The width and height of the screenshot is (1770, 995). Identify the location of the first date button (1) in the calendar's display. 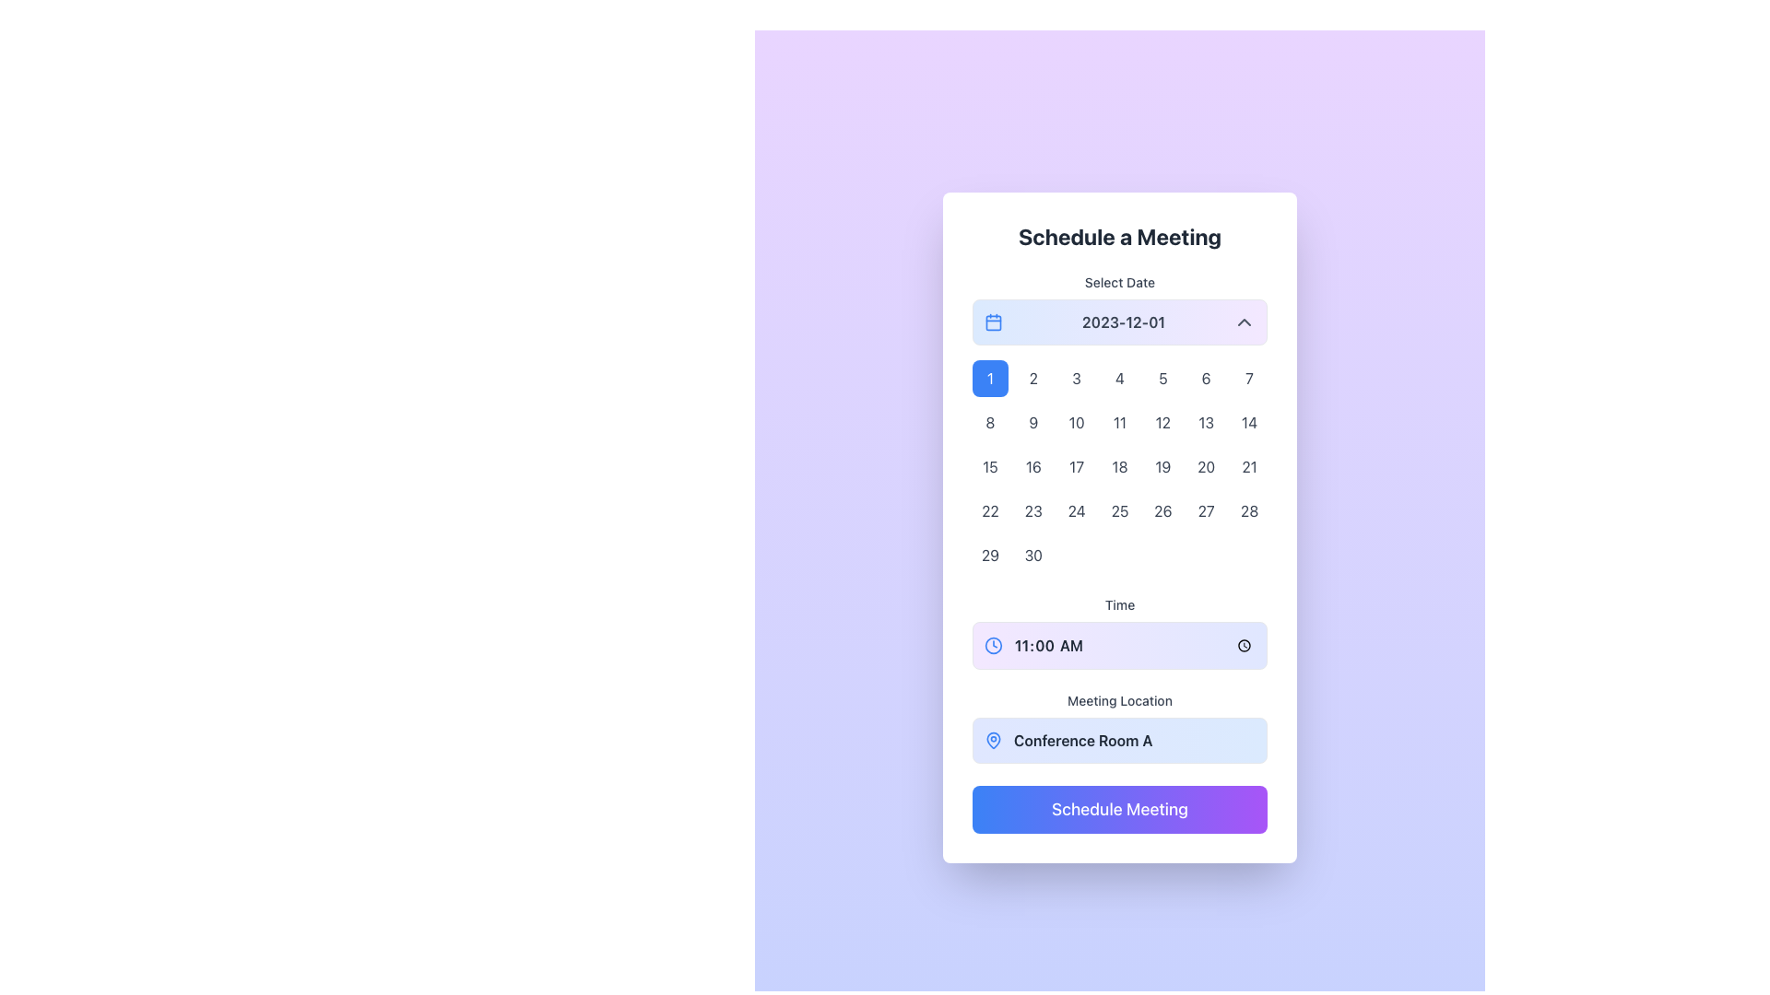
(989, 378).